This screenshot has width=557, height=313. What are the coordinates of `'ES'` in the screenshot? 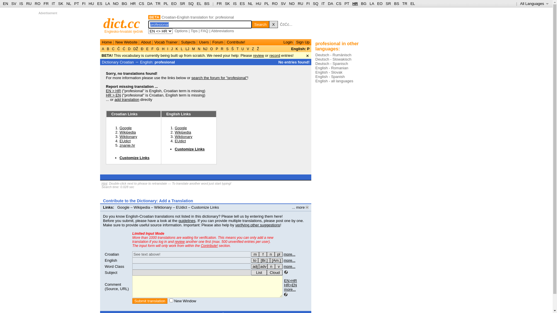 It's located at (242, 3).